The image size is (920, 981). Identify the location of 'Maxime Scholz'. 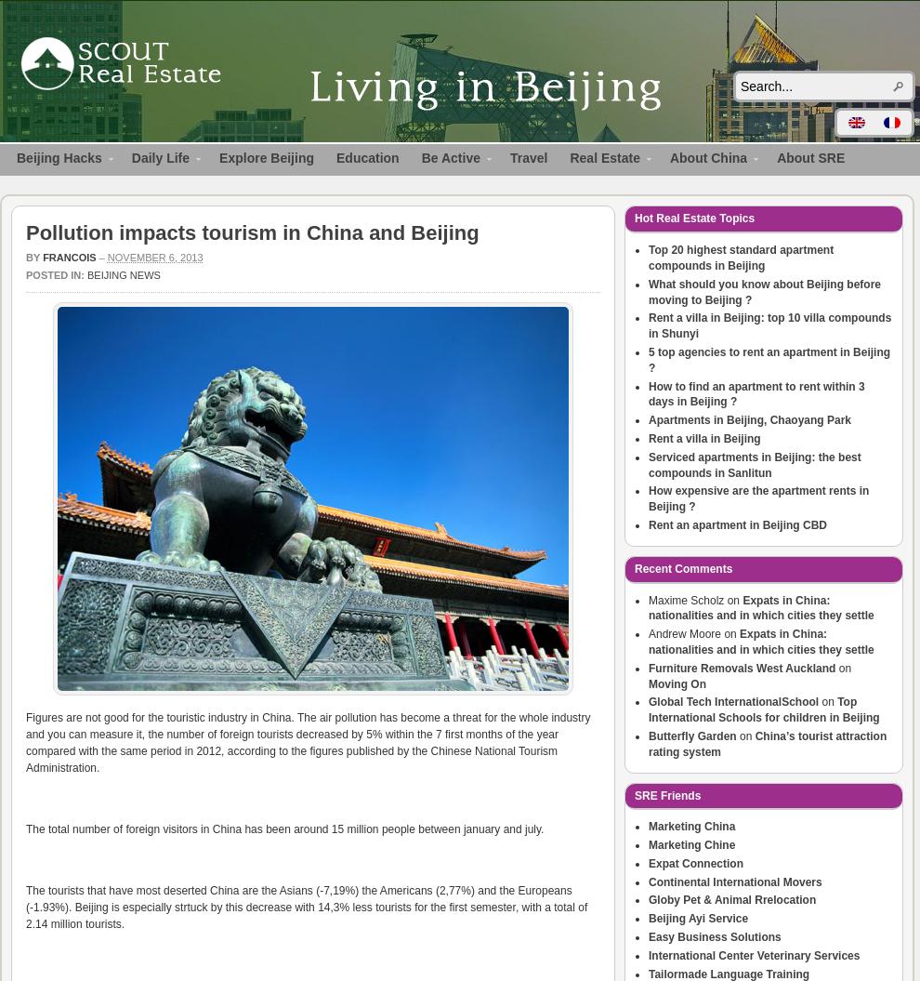
(648, 600).